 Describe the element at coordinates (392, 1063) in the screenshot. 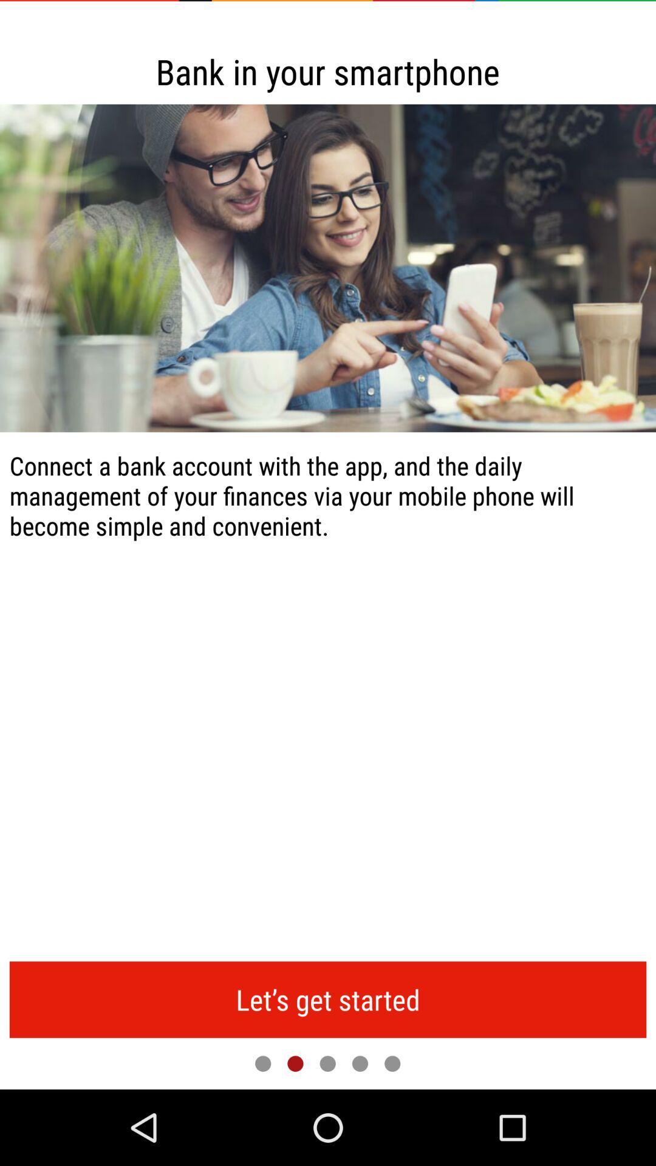

I see `icon below the let s get icon` at that location.